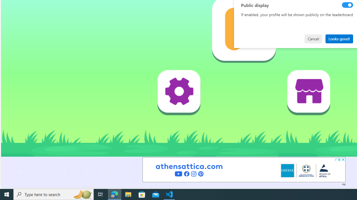 This screenshot has width=357, height=200. Describe the element at coordinates (128, 194) in the screenshot. I see `'File Explorer'` at that location.